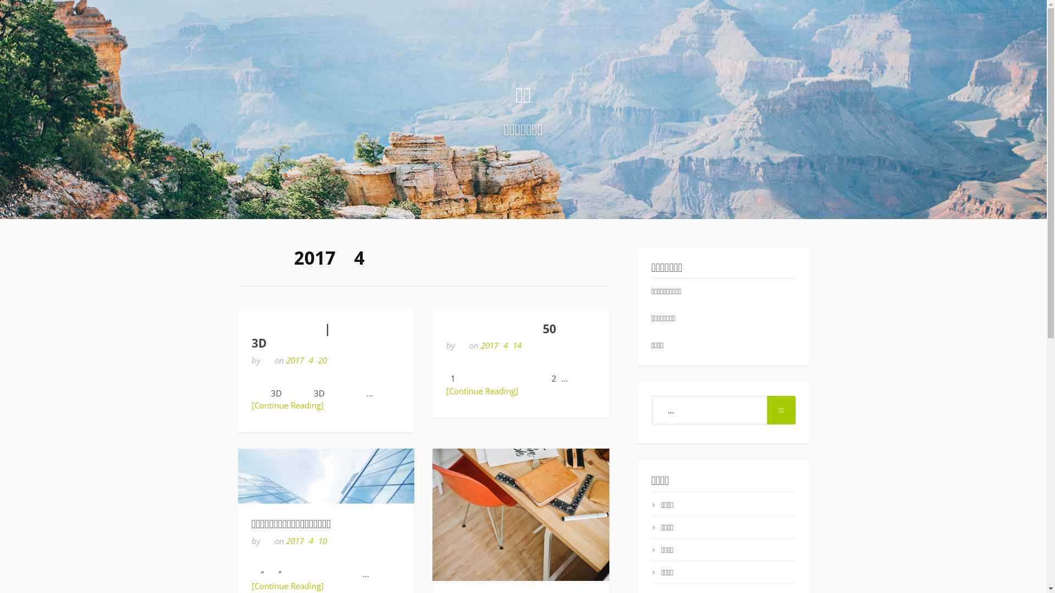 This screenshot has width=1055, height=593. What do you see at coordinates (0, 0) in the screenshot?
I see `'Skip to content'` at bounding box center [0, 0].